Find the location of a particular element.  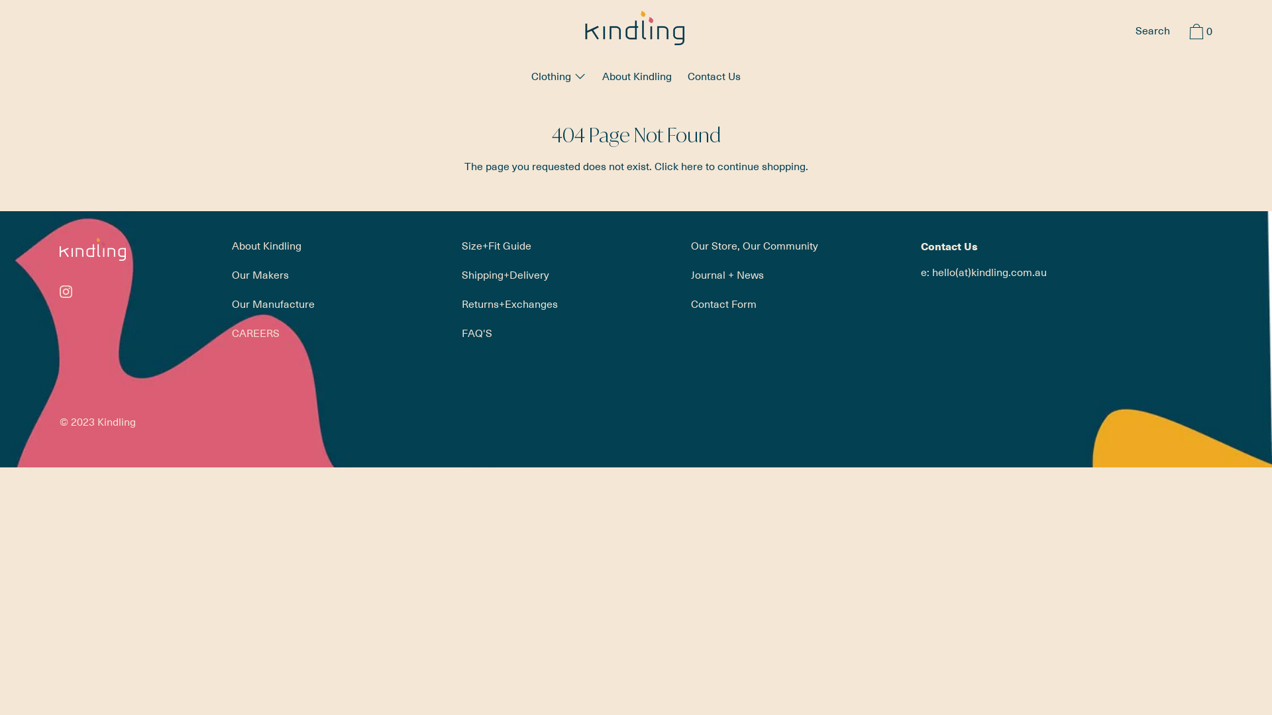

'Contact Form' is located at coordinates (723, 304).